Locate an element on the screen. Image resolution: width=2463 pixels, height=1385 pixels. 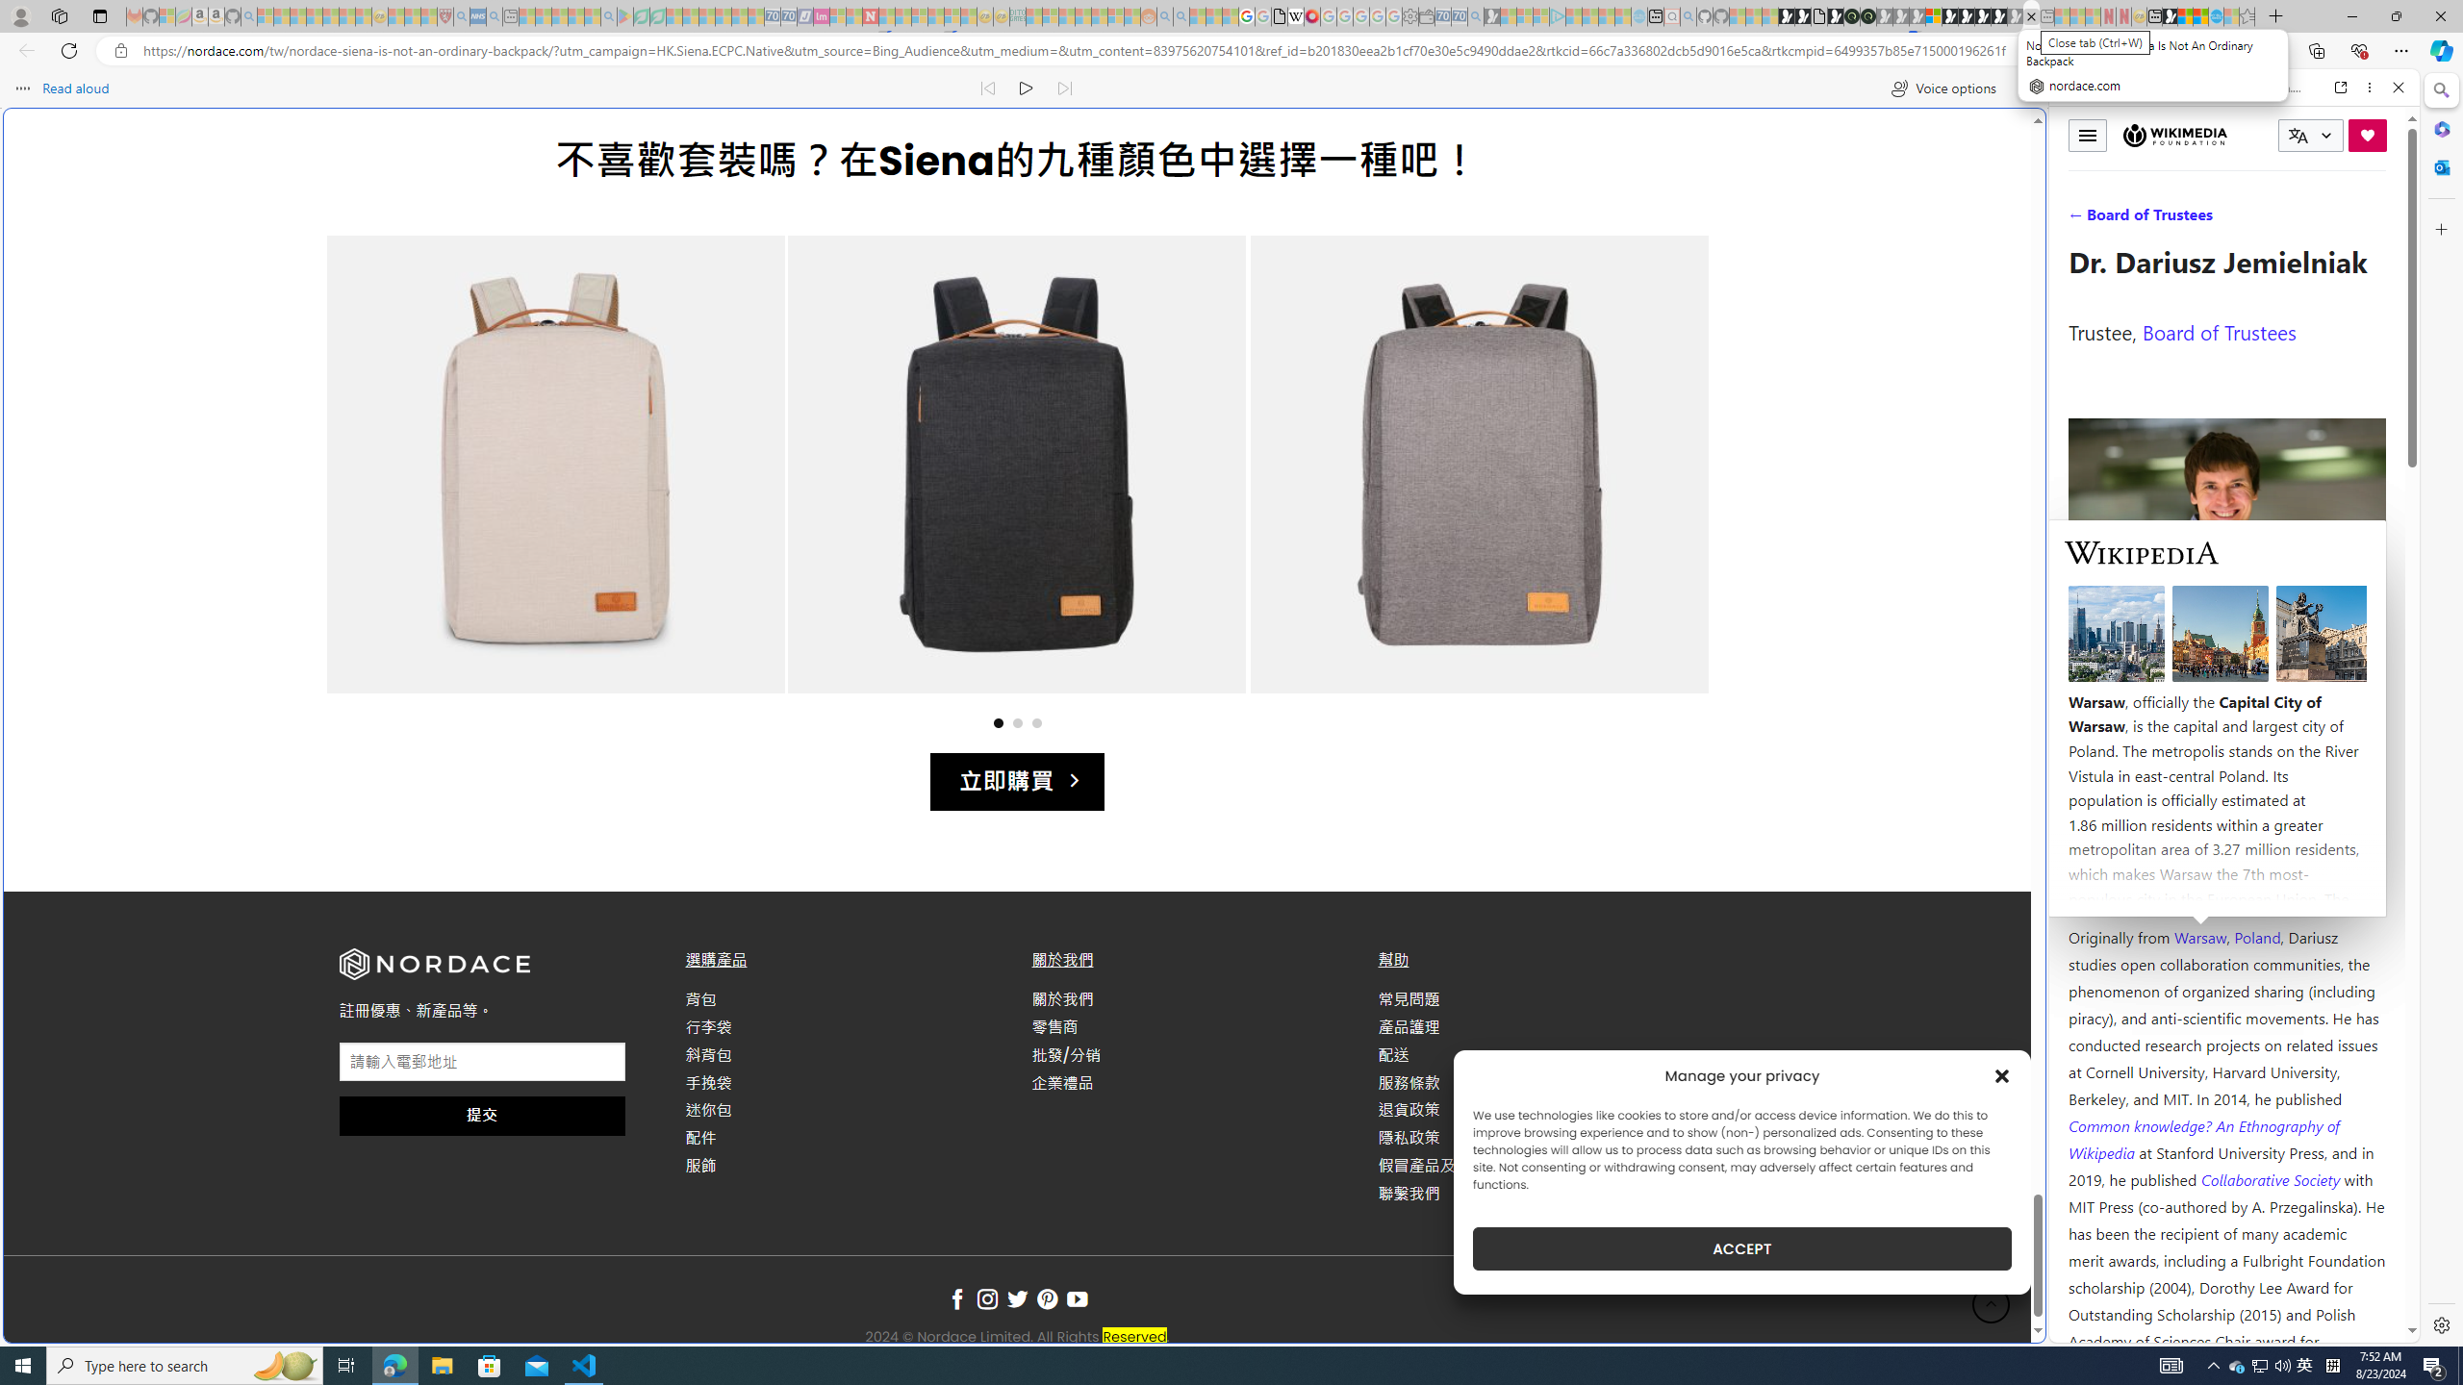
'CURRENT LANGUAGE:' is located at coordinates (2310, 136).